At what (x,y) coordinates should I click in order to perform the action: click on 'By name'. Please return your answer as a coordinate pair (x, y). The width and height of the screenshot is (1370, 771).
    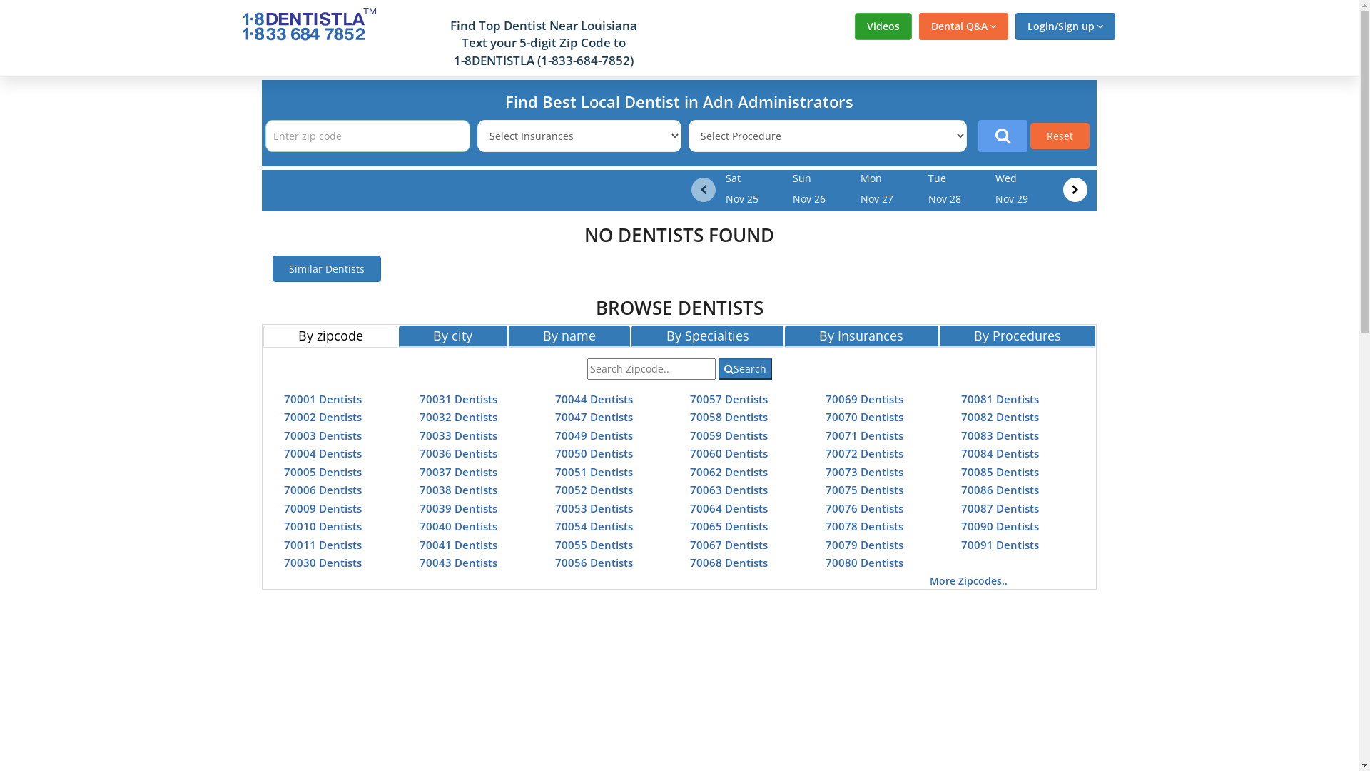
    Looking at the image, I should click on (569, 336).